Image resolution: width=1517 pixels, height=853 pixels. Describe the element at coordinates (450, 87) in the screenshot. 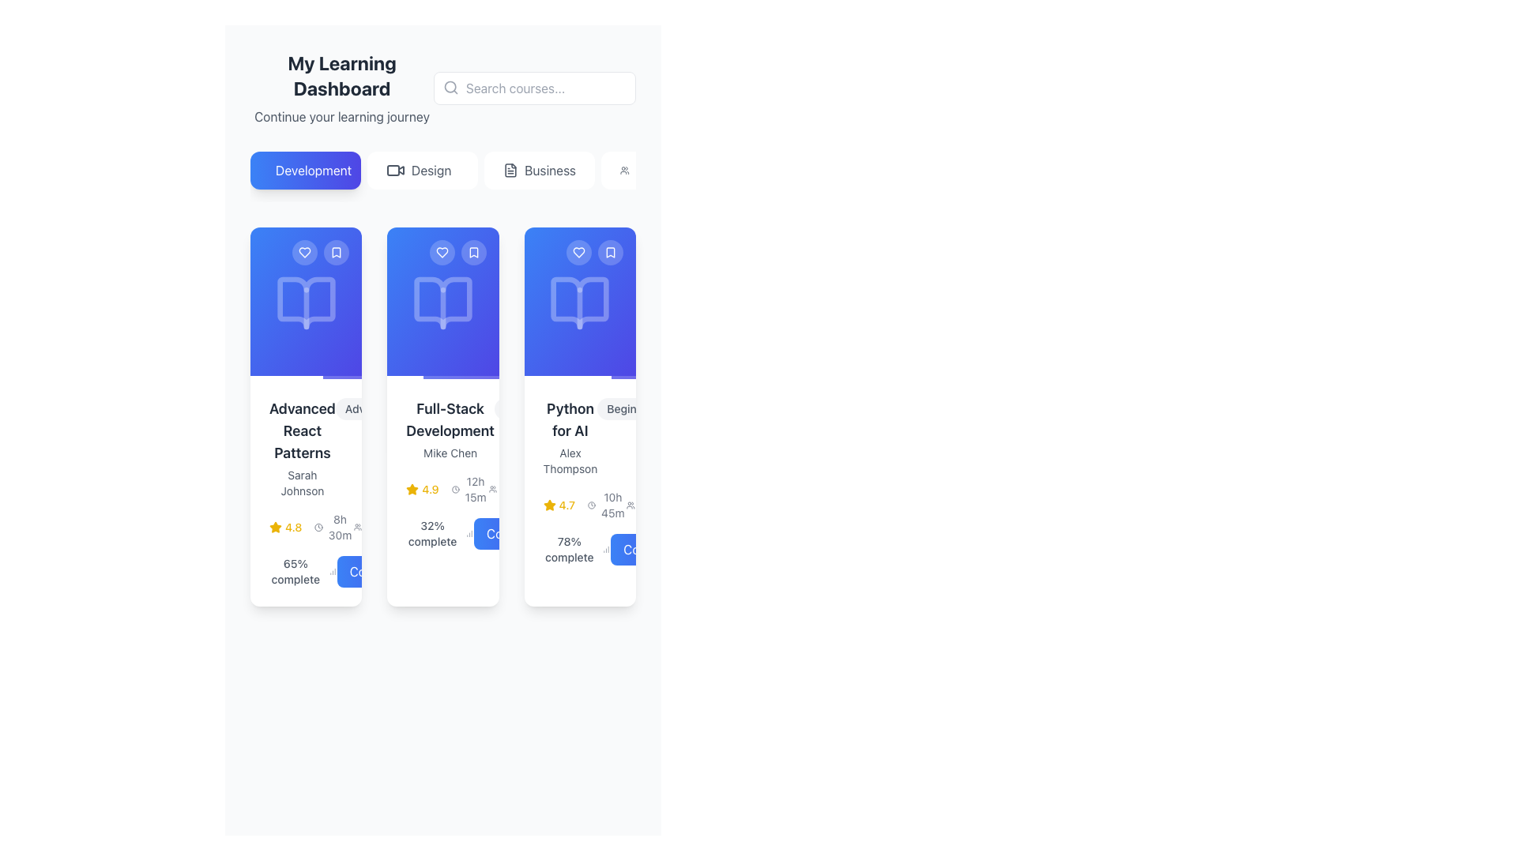

I see `the circular shape inside the magnifying glass icon used for the search function, located in the upper-right section of the interface` at that location.